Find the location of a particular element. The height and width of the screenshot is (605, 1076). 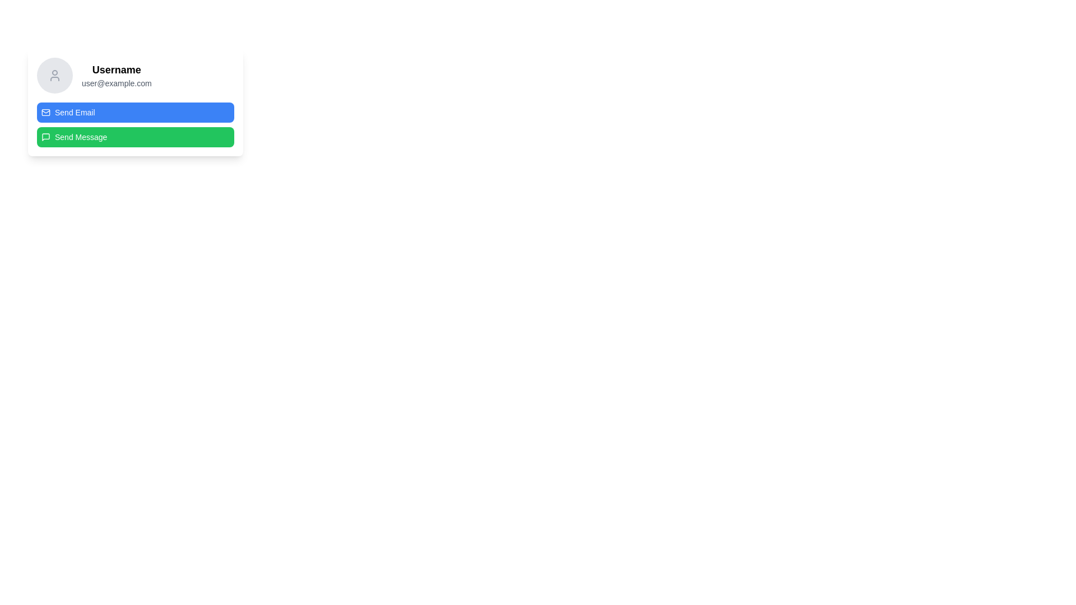

the 'Username' text label which is bold and larger, positioned above the email address and next to the user avatar icon is located at coordinates (117, 69).